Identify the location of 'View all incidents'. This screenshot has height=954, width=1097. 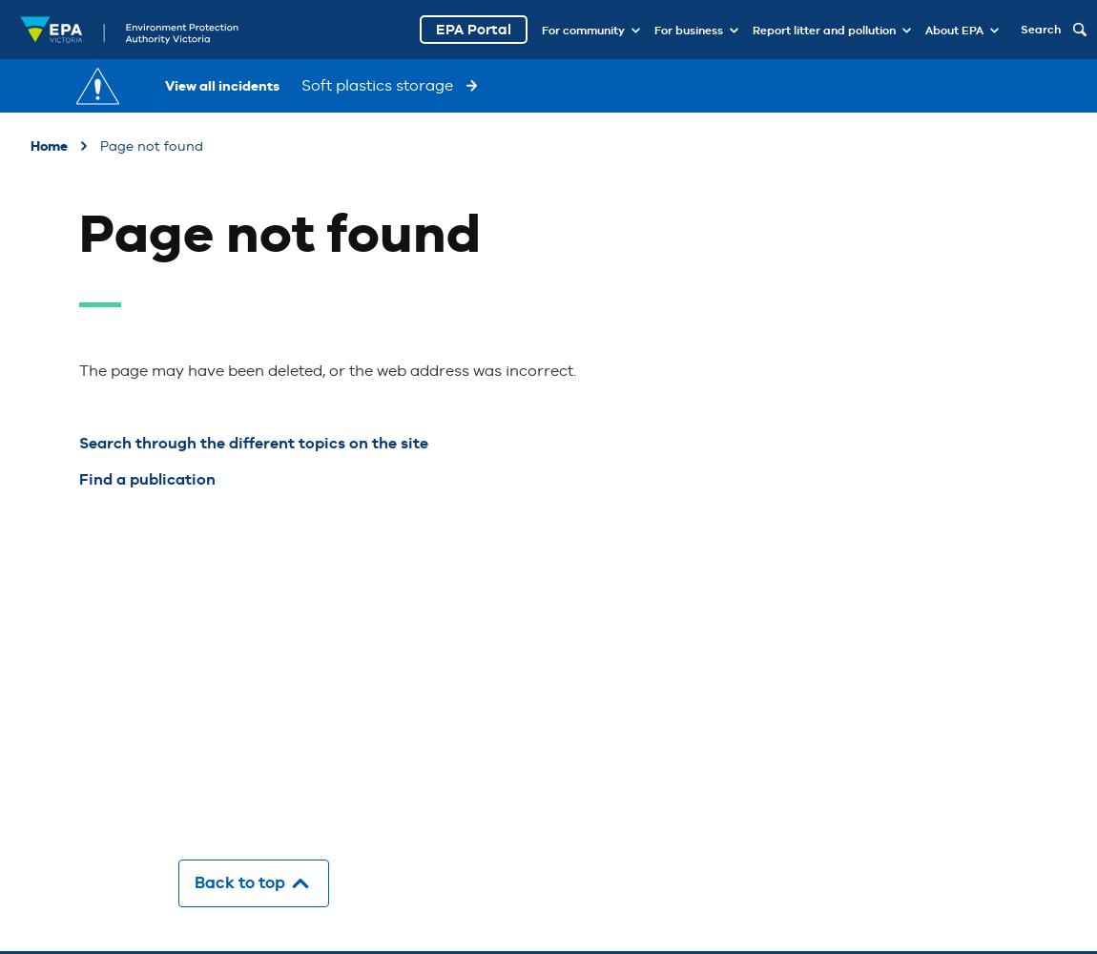
(222, 85).